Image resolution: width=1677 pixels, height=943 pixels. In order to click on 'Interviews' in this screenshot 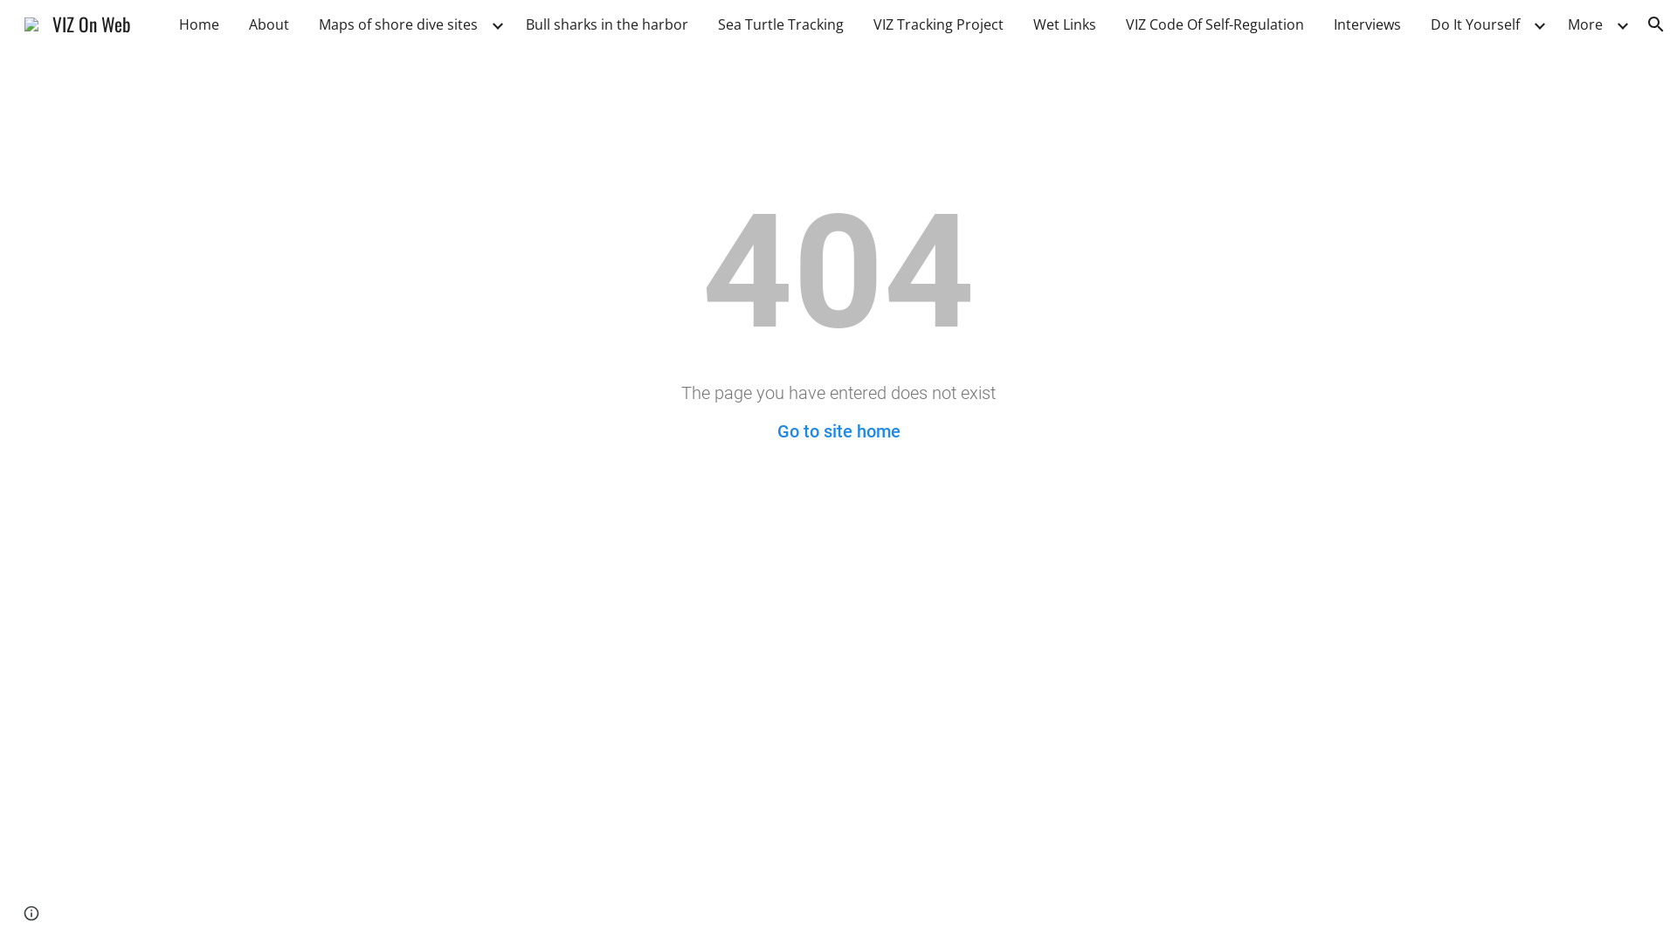, I will do `click(1366, 24)`.